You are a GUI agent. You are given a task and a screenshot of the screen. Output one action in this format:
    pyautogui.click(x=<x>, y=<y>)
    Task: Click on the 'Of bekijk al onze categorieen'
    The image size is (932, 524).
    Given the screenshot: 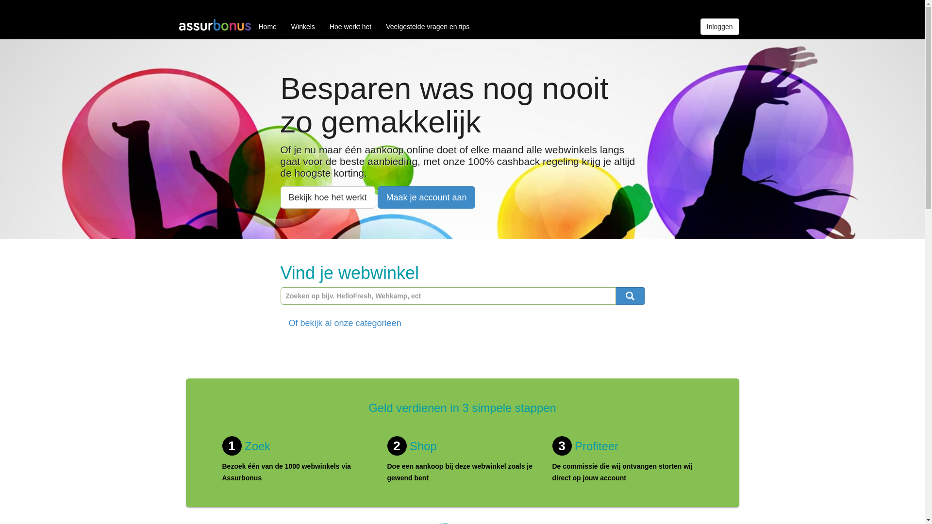 What is the action you would take?
    pyautogui.click(x=345, y=323)
    